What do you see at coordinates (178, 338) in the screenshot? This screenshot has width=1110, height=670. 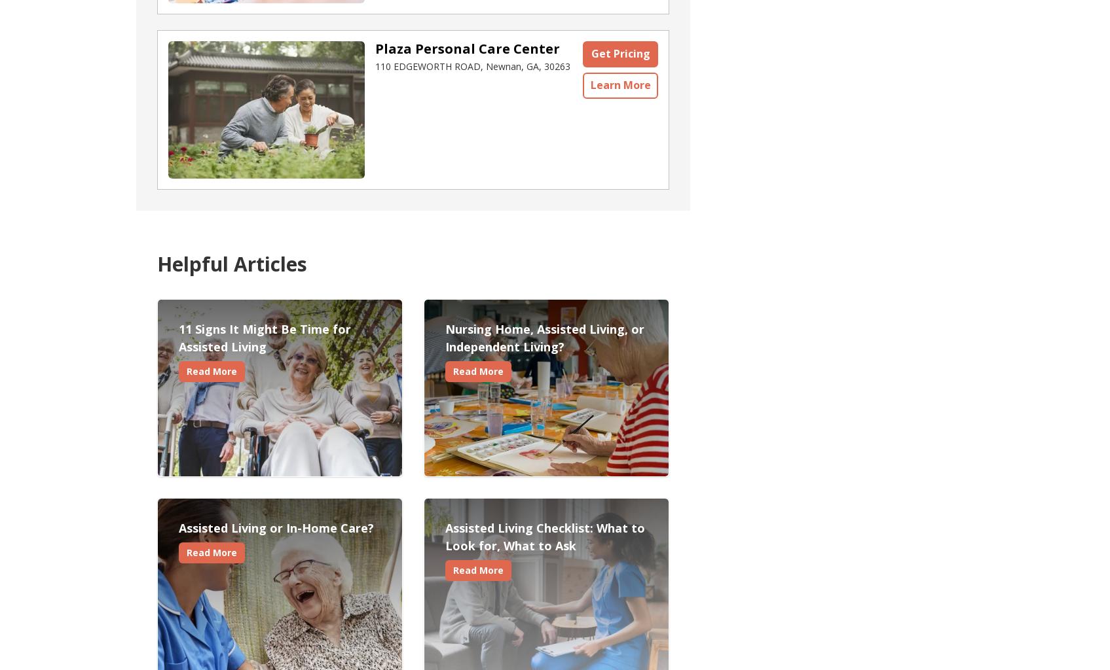 I see `'11 Signs It Might Be Time for Assisted Living'` at bounding box center [178, 338].